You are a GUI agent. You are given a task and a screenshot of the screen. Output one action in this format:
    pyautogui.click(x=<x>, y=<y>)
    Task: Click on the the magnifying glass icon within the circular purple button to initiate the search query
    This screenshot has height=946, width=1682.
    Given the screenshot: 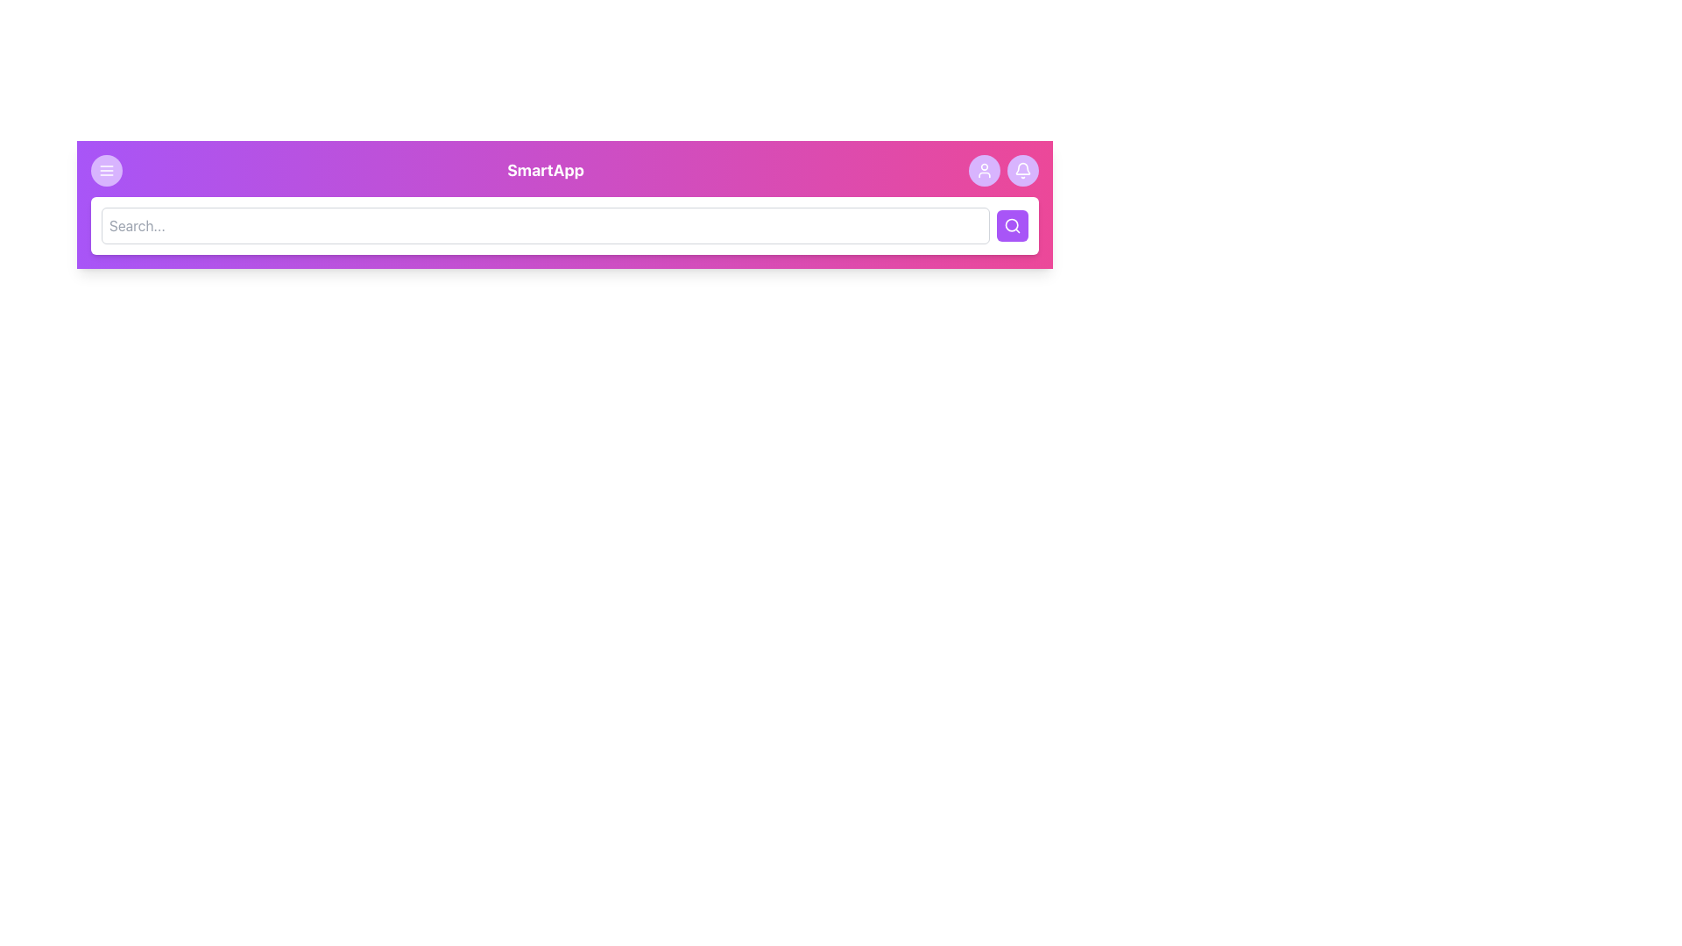 What is the action you would take?
    pyautogui.click(x=1013, y=225)
    